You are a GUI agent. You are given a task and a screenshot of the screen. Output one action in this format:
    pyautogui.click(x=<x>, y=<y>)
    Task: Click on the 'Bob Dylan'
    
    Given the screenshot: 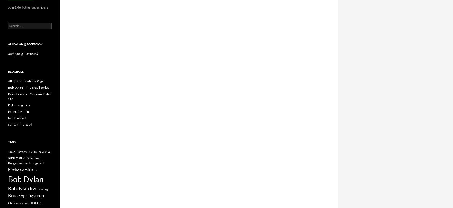 What is the action you would take?
    pyautogui.click(x=25, y=179)
    